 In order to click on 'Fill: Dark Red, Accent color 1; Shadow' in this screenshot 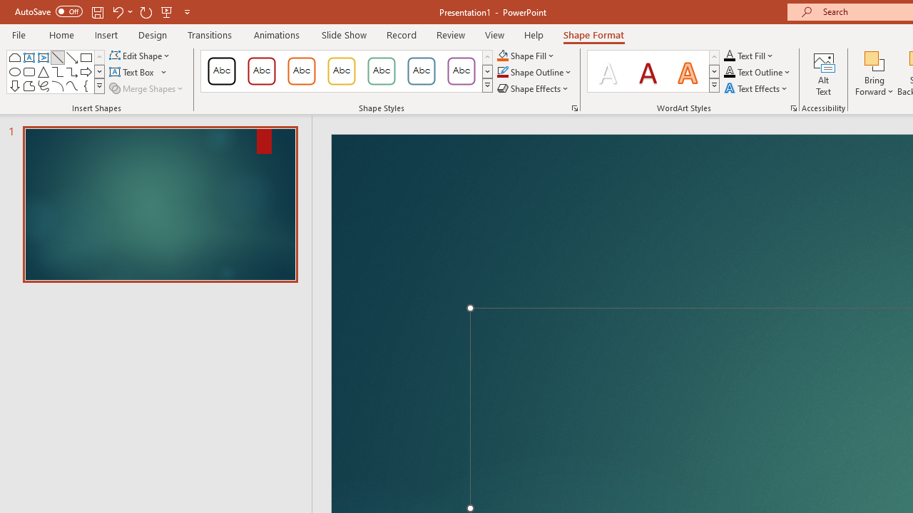, I will do `click(647, 71)`.